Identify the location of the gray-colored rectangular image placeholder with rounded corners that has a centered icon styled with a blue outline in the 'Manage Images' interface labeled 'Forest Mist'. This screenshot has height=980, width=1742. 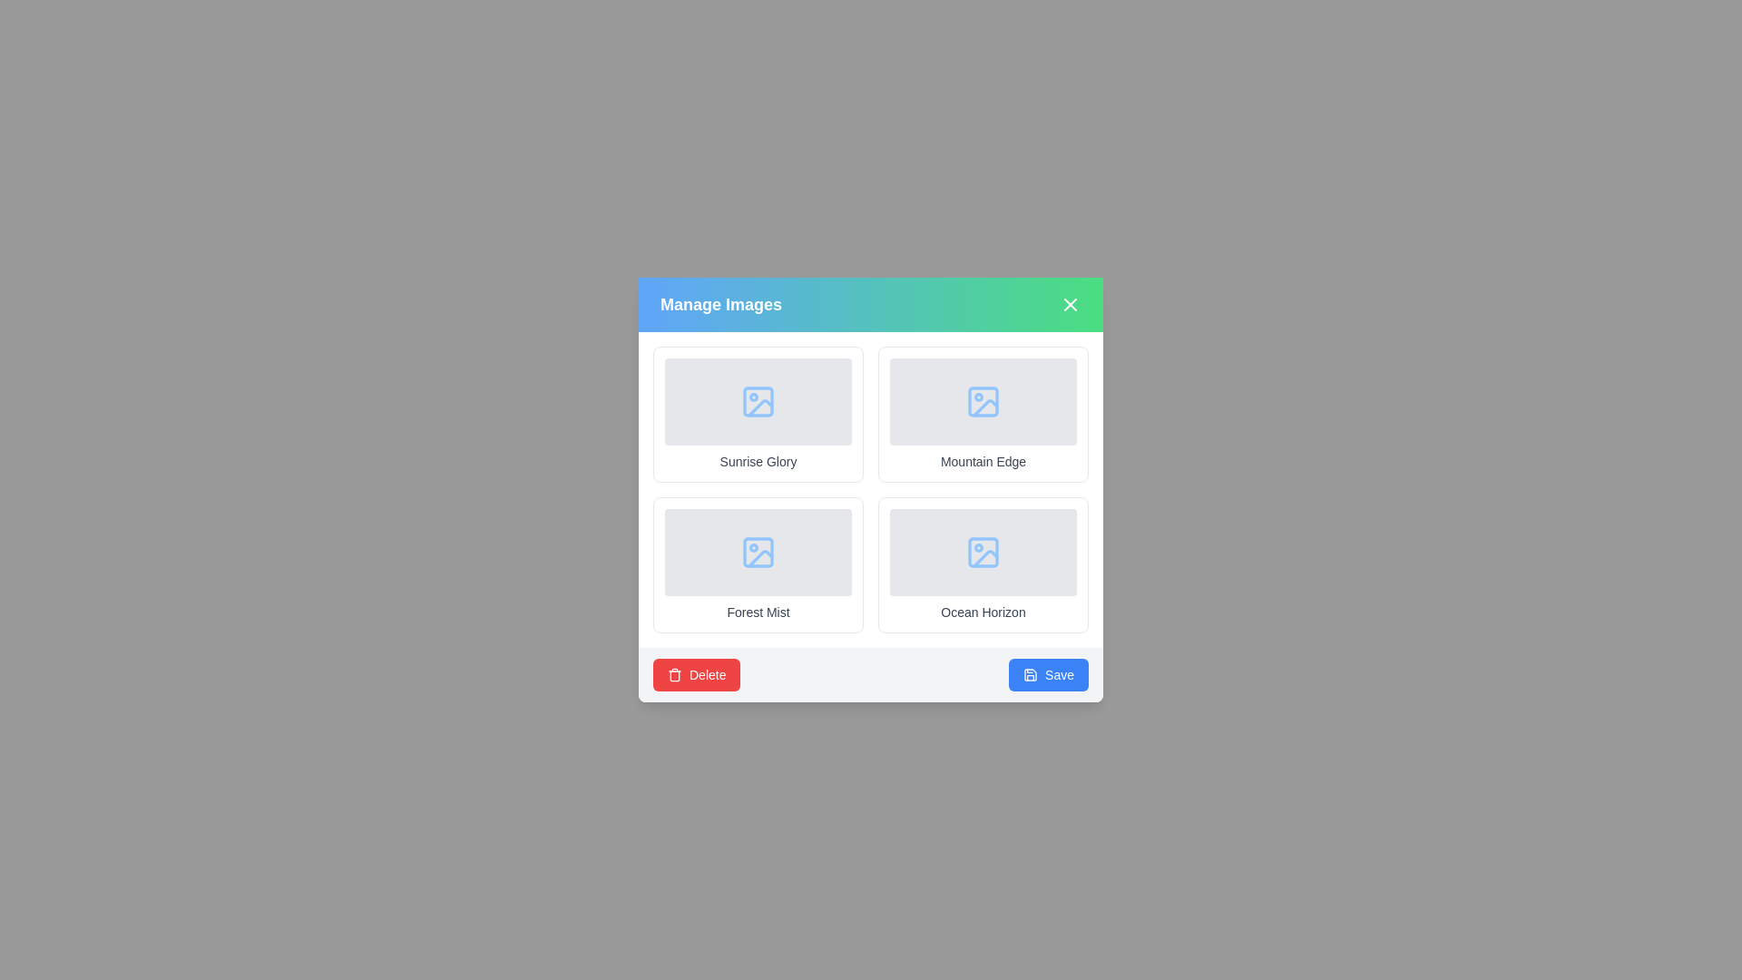
(758, 552).